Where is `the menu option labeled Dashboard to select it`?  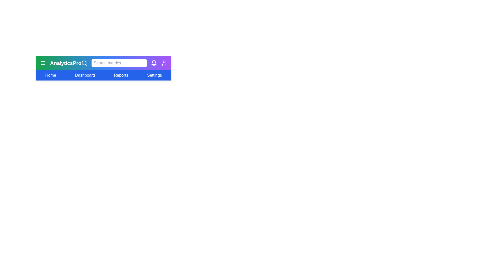
the menu option labeled Dashboard to select it is located at coordinates (85, 75).